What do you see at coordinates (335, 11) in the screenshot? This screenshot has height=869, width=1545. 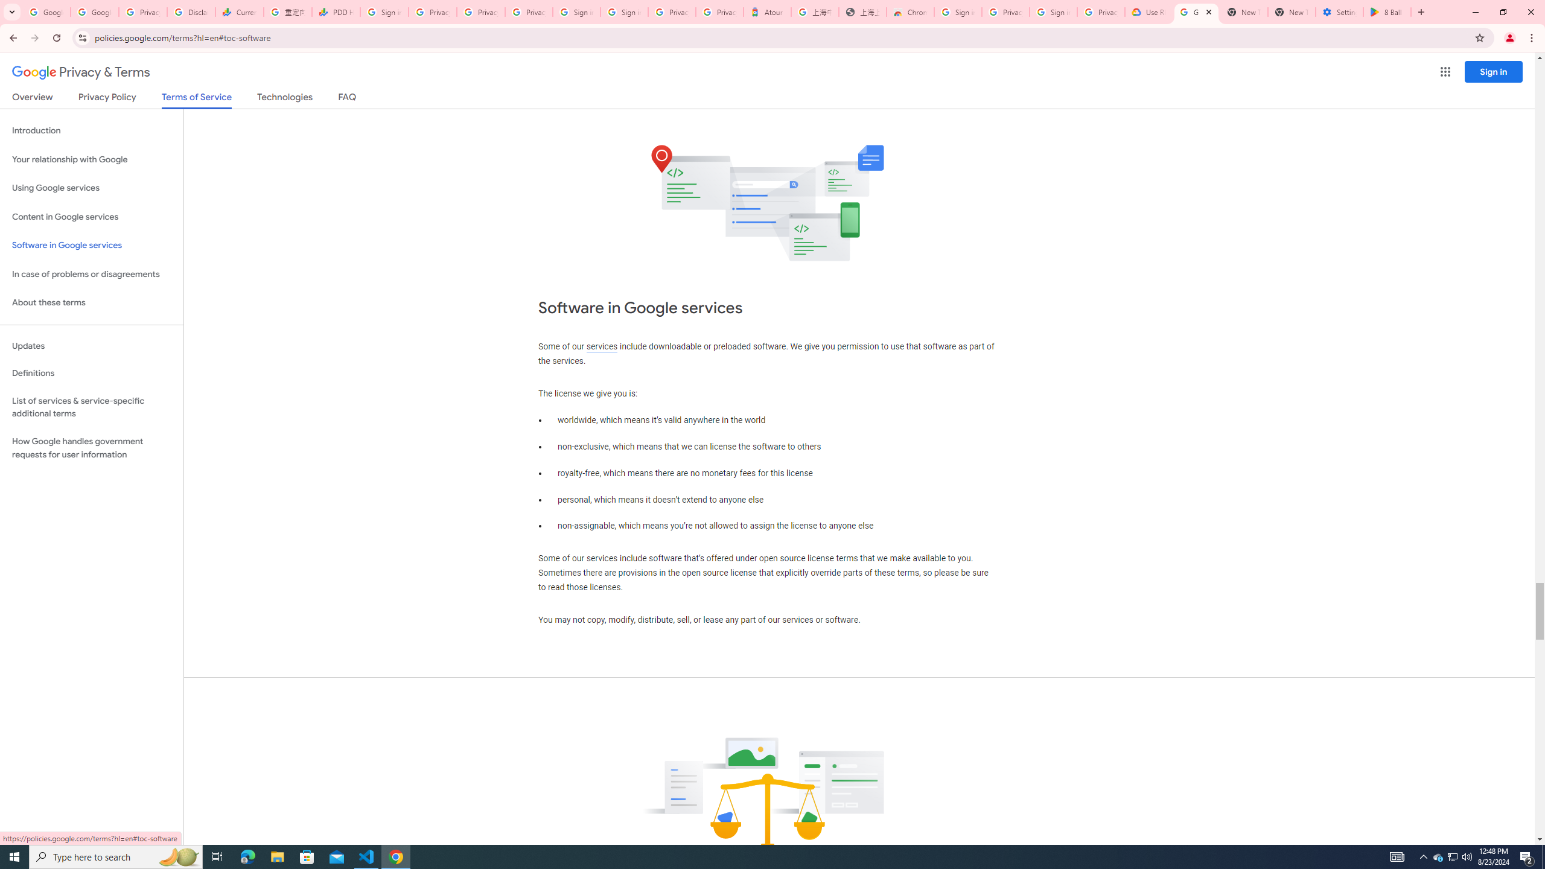 I see `'PDD Holdings Inc - ADR (PDD) Price & News - Google Finance'` at bounding box center [335, 11].